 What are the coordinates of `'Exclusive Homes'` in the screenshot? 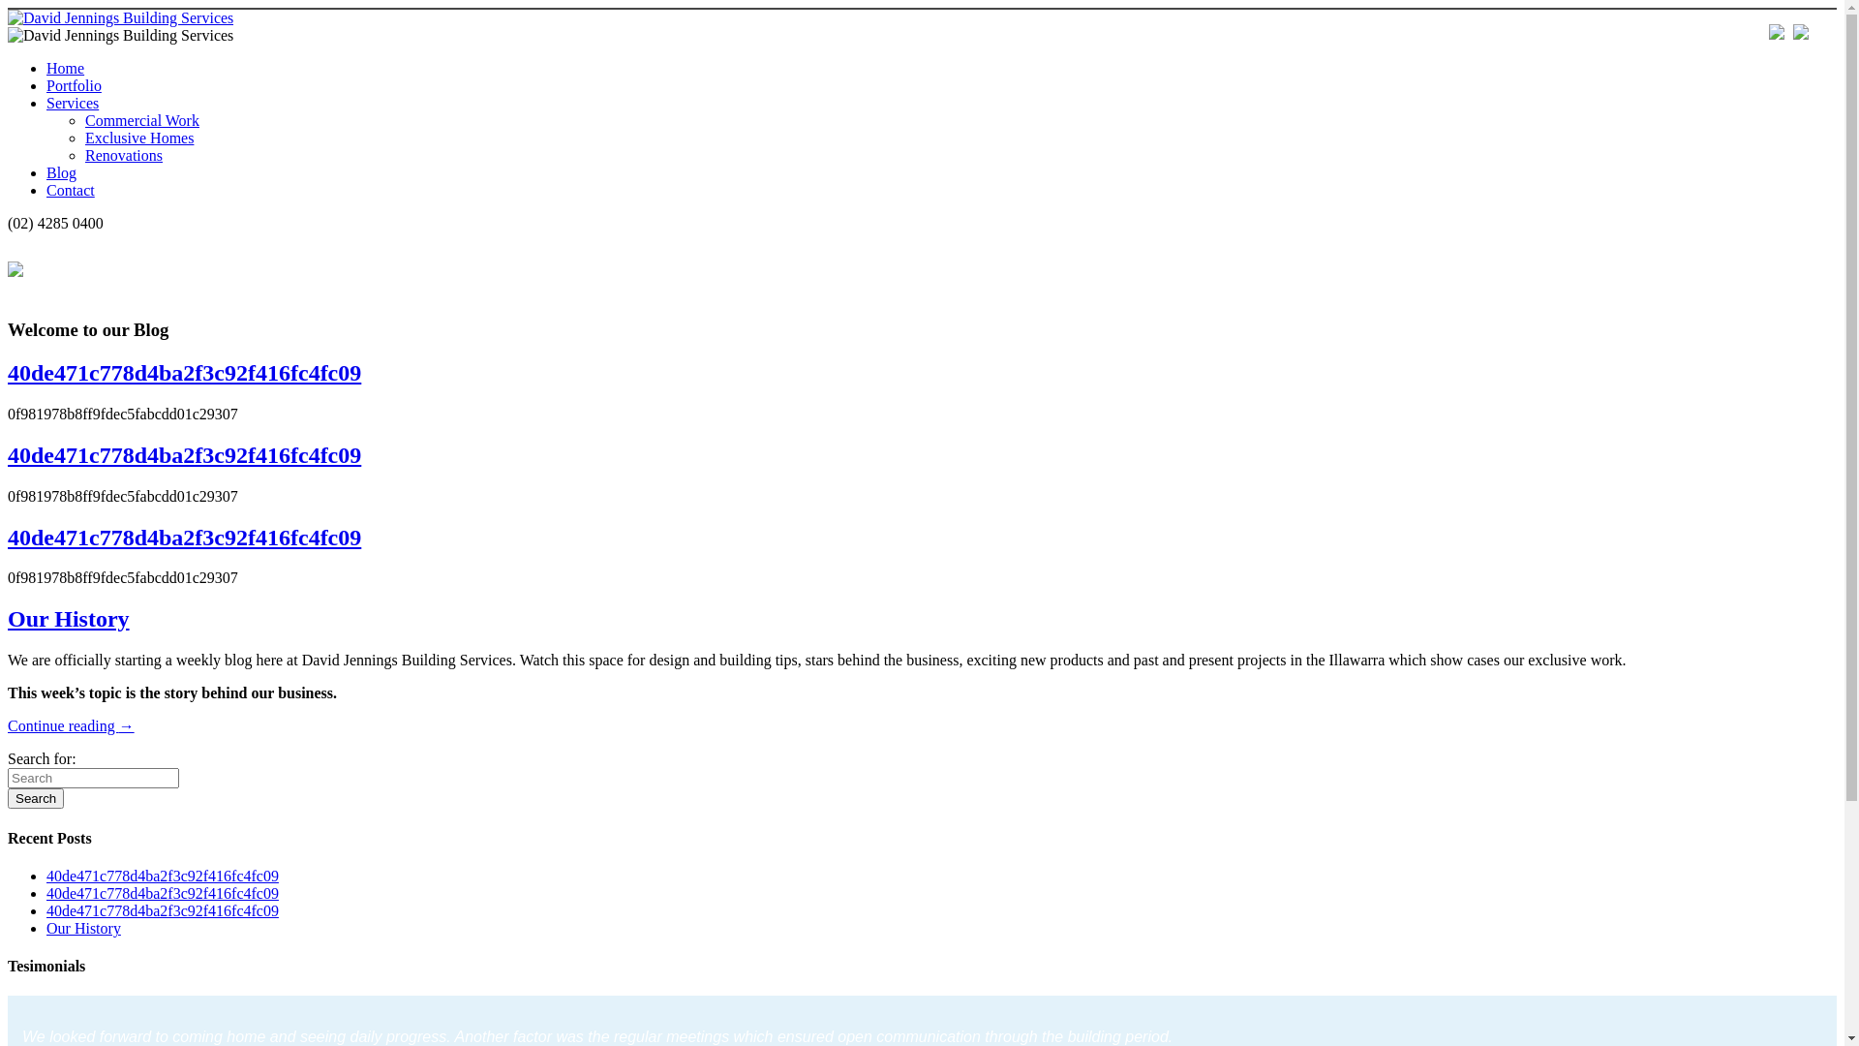 It's located at (138, 137).